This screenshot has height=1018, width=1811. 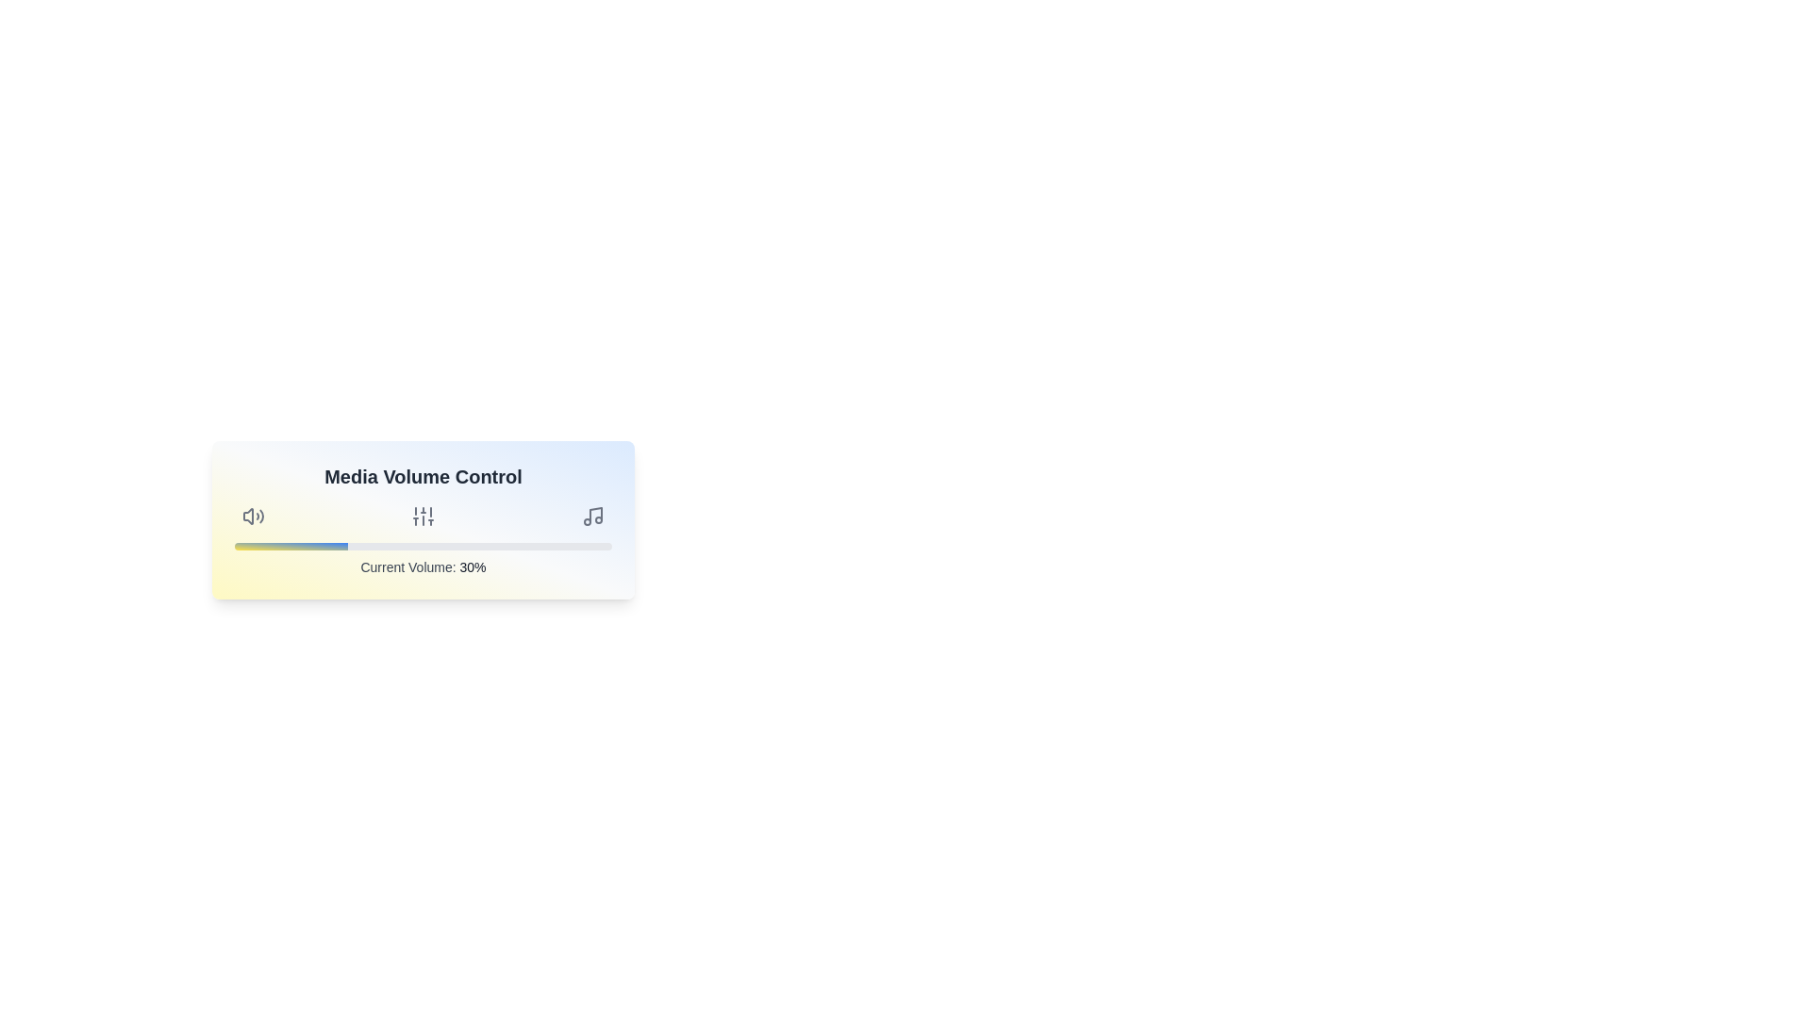 What do you see at coordinates (433, 546) in the screenshot?
I see `the volume` at bounding box center [433, 546].